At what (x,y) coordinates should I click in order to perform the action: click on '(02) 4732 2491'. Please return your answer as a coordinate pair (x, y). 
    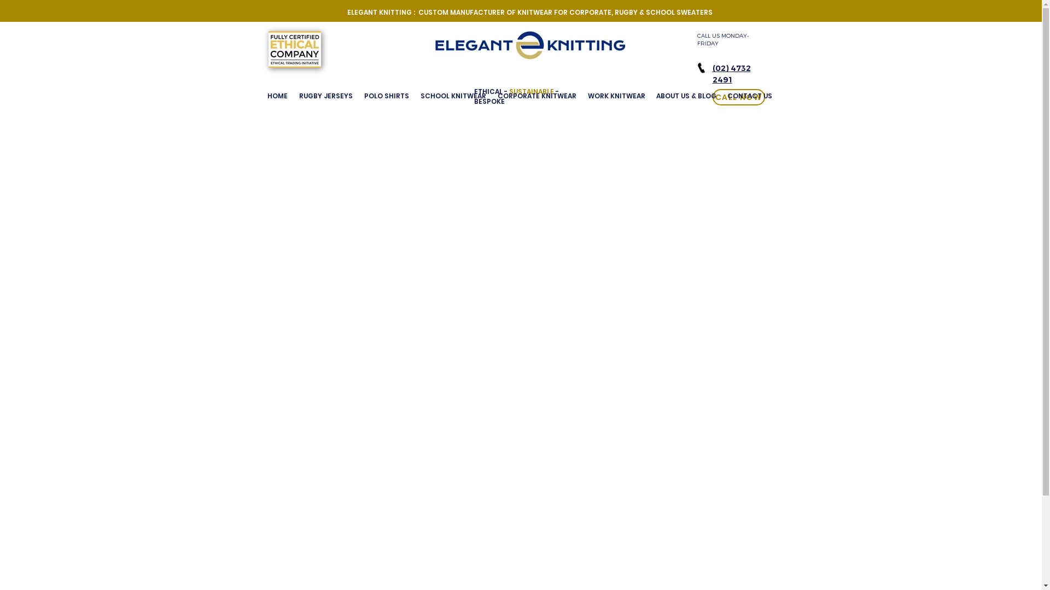
    Looking at the image, I should click on (731, 74).